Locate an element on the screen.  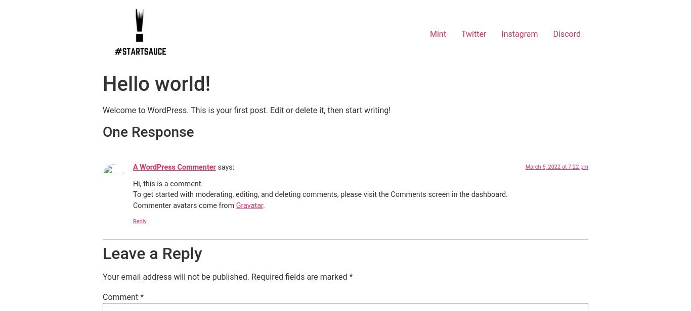
'A WordPress Commenter' is located at coordinates (174, 167).